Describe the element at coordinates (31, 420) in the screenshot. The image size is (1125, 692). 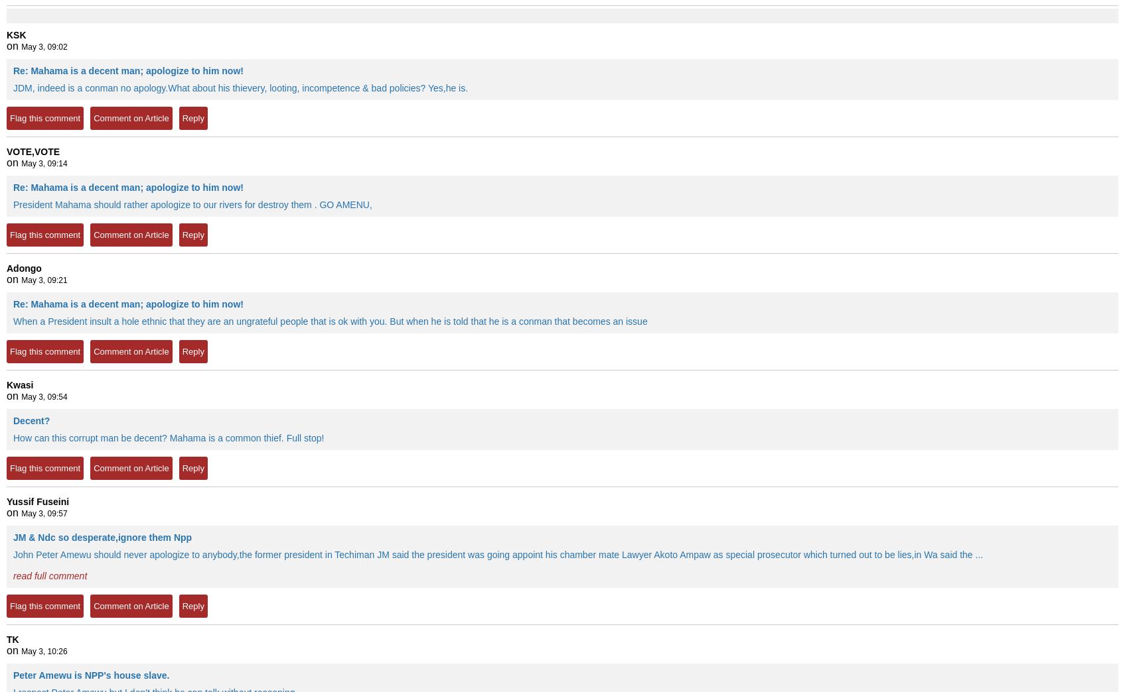
I see `'Decent?'` at that location.